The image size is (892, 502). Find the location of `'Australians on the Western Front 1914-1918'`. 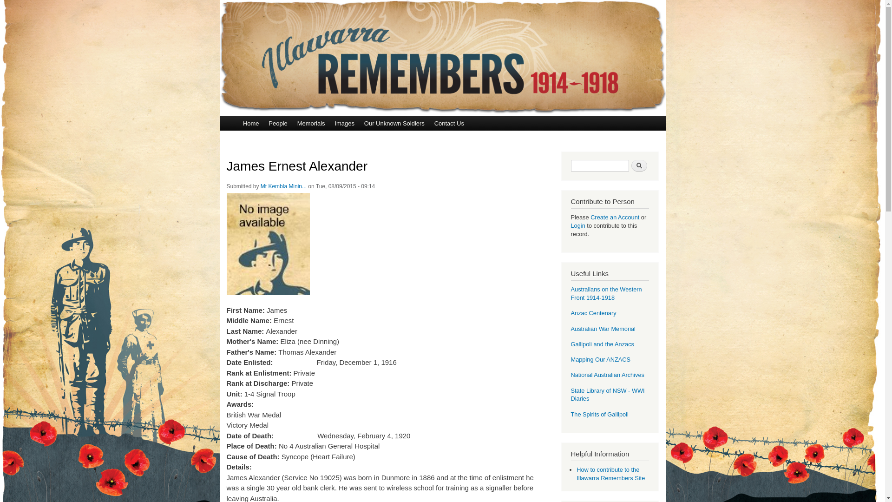

'Australians on the Western Front 1914-1918' is located at coordinates (606, 293).